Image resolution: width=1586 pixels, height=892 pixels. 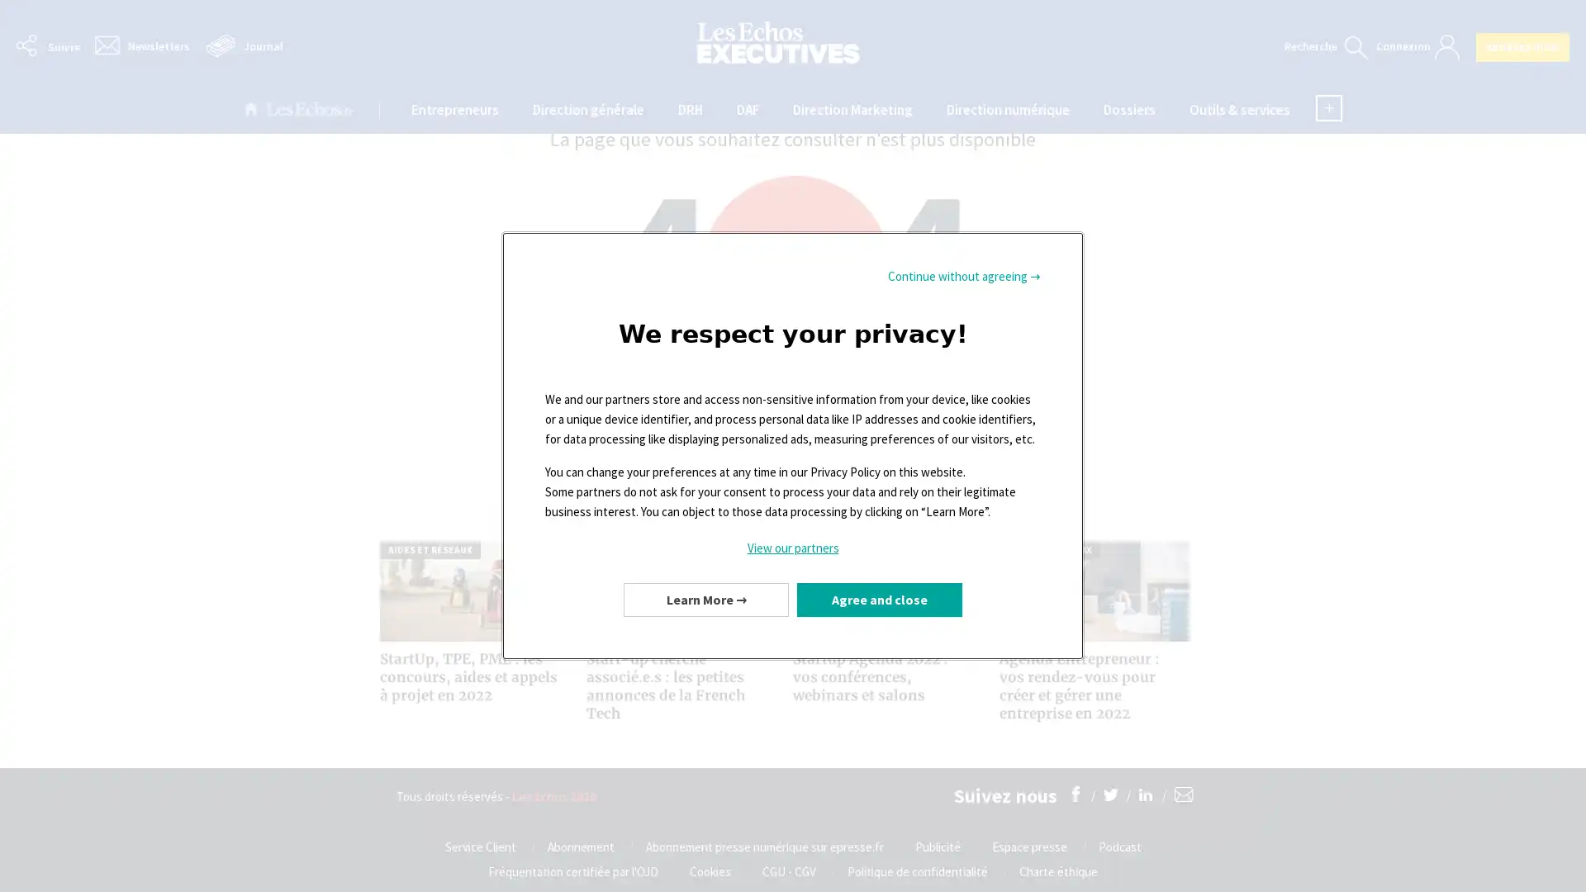 What do you see at coordinates (1328, 108) in the screenshot?
I see `+` at bounding box center [1328, 108].